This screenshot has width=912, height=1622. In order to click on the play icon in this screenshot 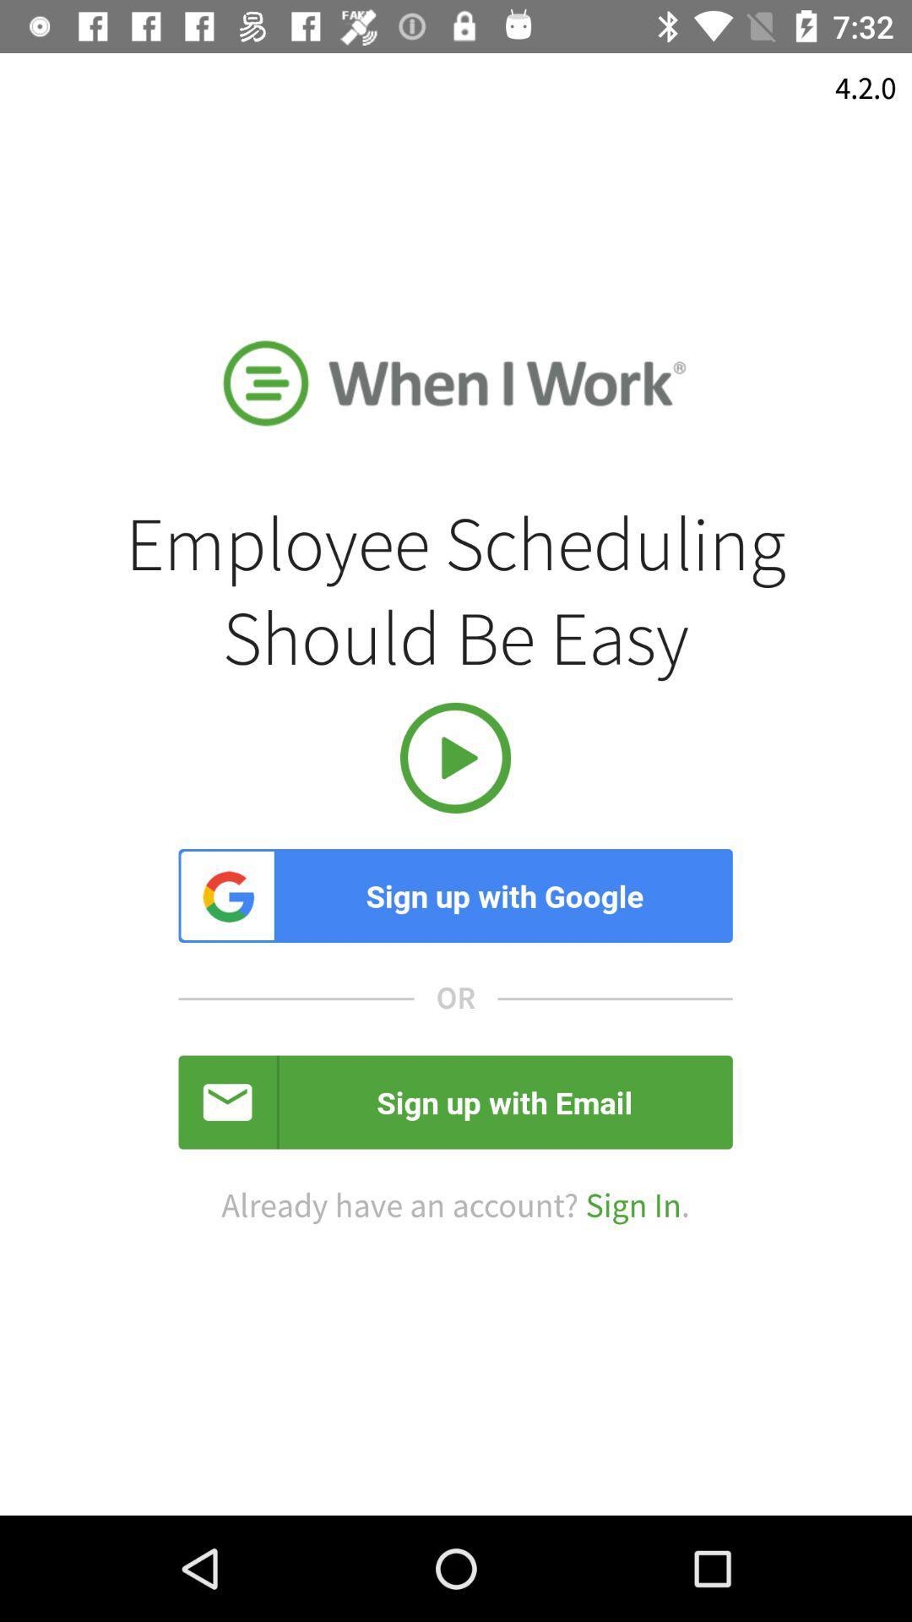, I will do `click(454, 757)`.